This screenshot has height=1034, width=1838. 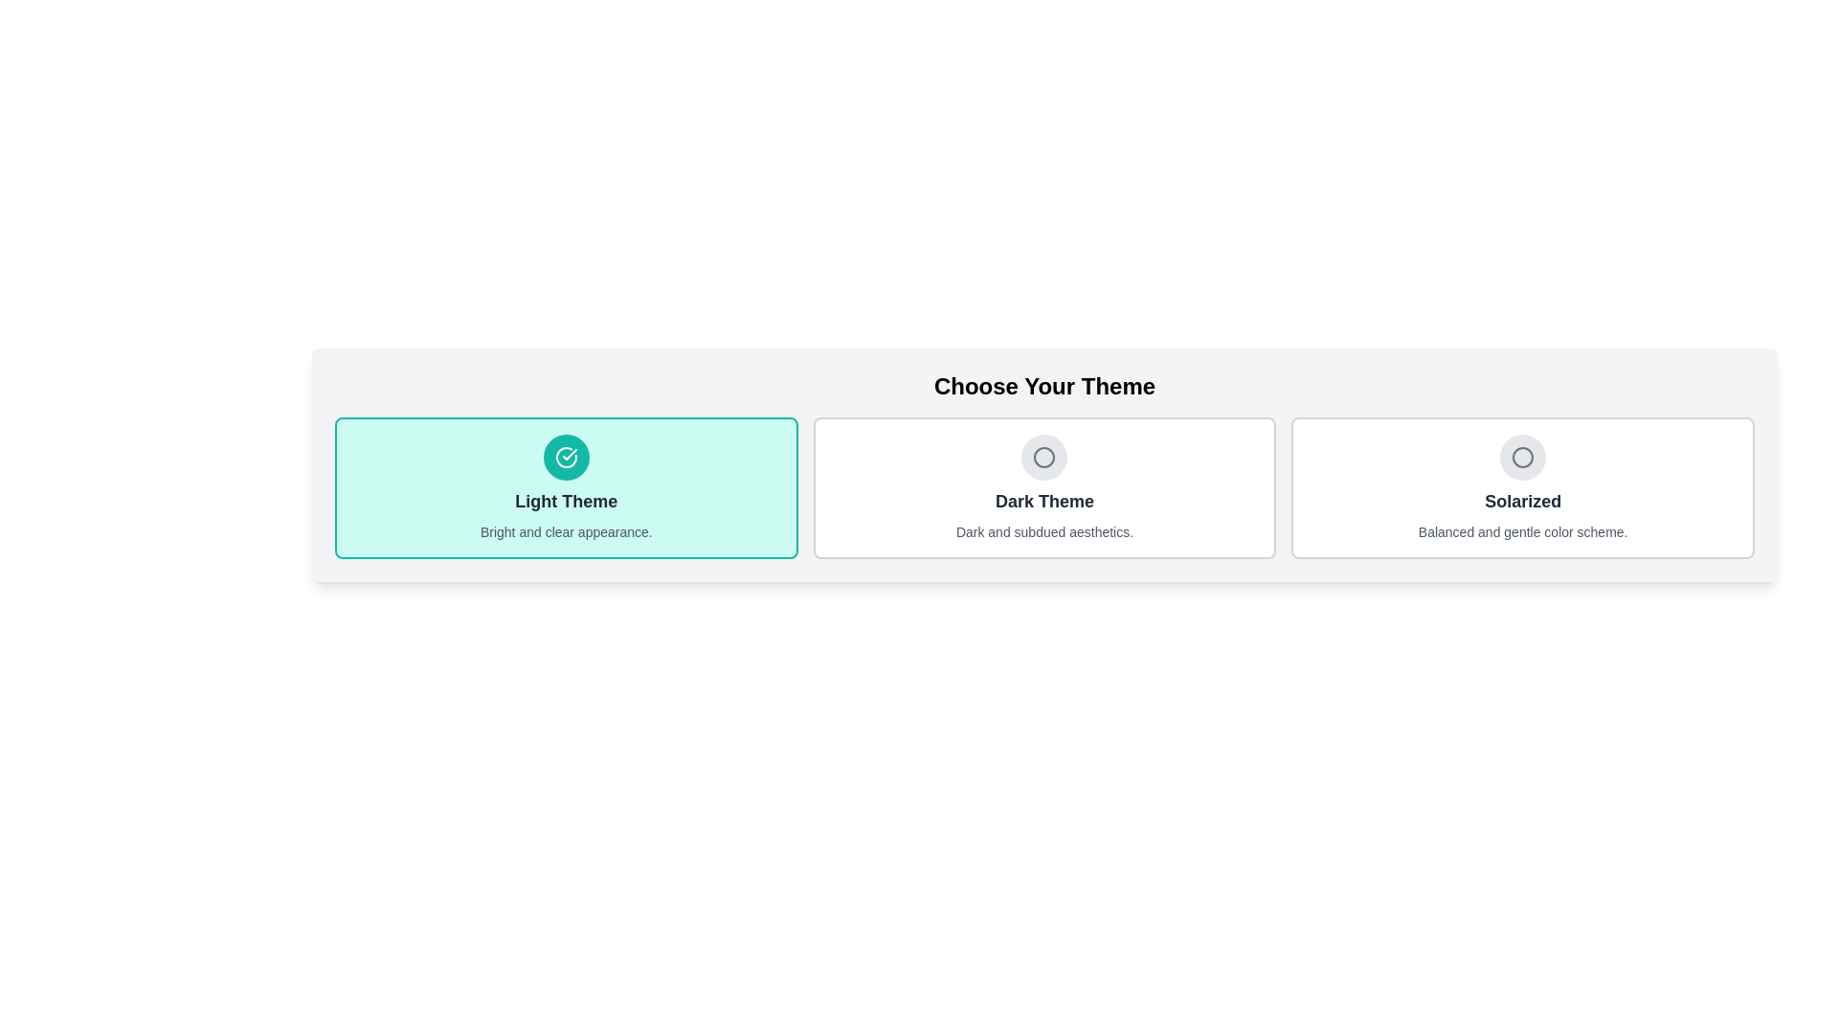 I want to click on the visual indicator icon located within the rectangular card under the text 'Dark Theme' and above 'Dark and subdued aesthetics.', so click(x=1043, y=458).